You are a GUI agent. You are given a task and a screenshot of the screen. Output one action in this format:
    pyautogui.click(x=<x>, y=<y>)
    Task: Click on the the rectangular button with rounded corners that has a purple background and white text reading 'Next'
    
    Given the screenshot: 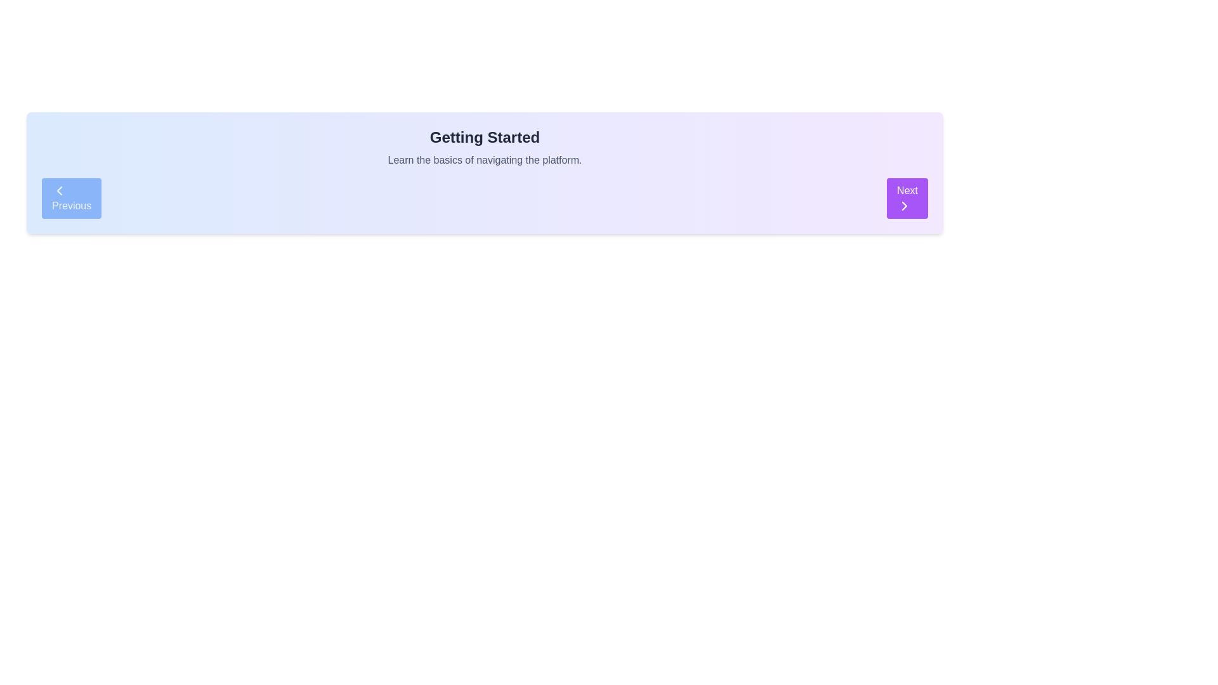 What is the action you would take?
    pyautogui.click(x=907, y=198)
    